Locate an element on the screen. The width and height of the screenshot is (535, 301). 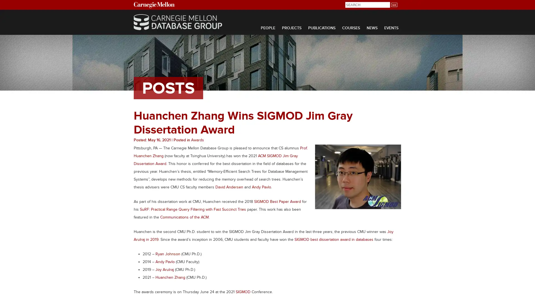
Go is located at coordinates (394, 5).